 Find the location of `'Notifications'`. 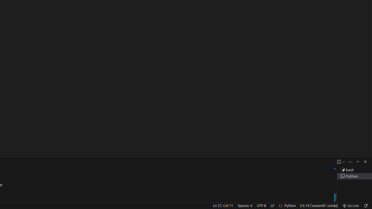

'Notifications' is located at coordinates (365, 205).